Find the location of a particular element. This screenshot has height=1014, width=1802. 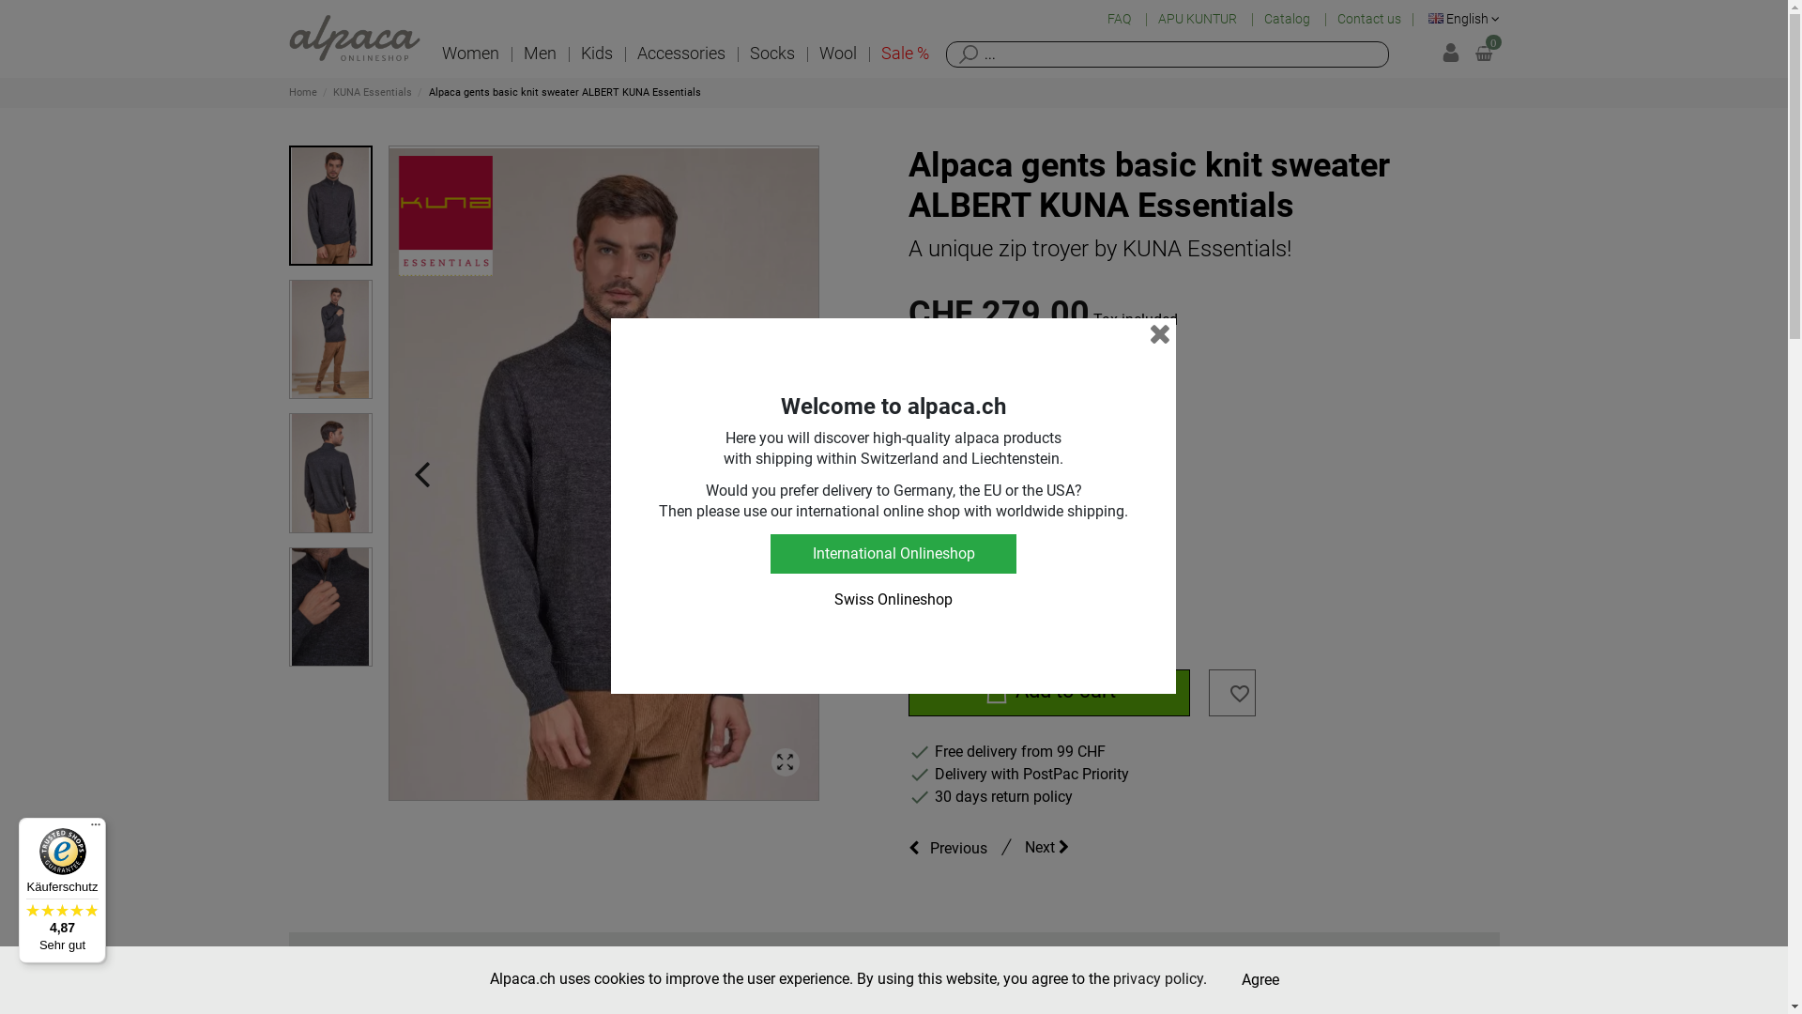

'Home' is located at coordinates (304, 92).